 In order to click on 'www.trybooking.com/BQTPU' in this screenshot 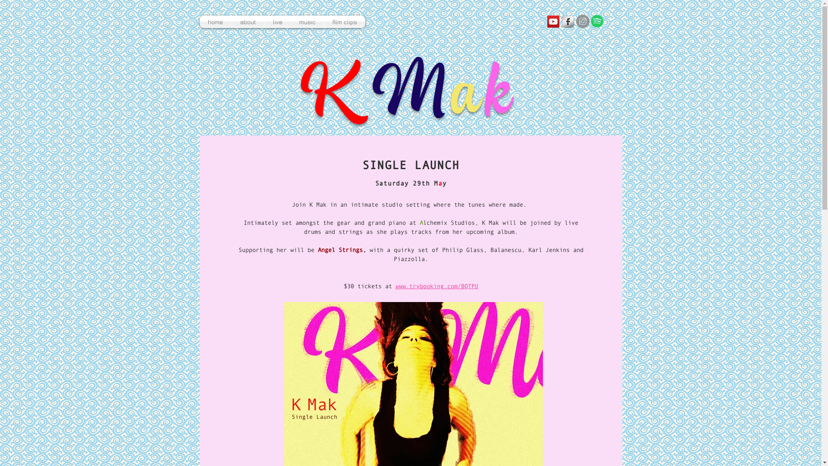, I will do `click(436, 286)`.